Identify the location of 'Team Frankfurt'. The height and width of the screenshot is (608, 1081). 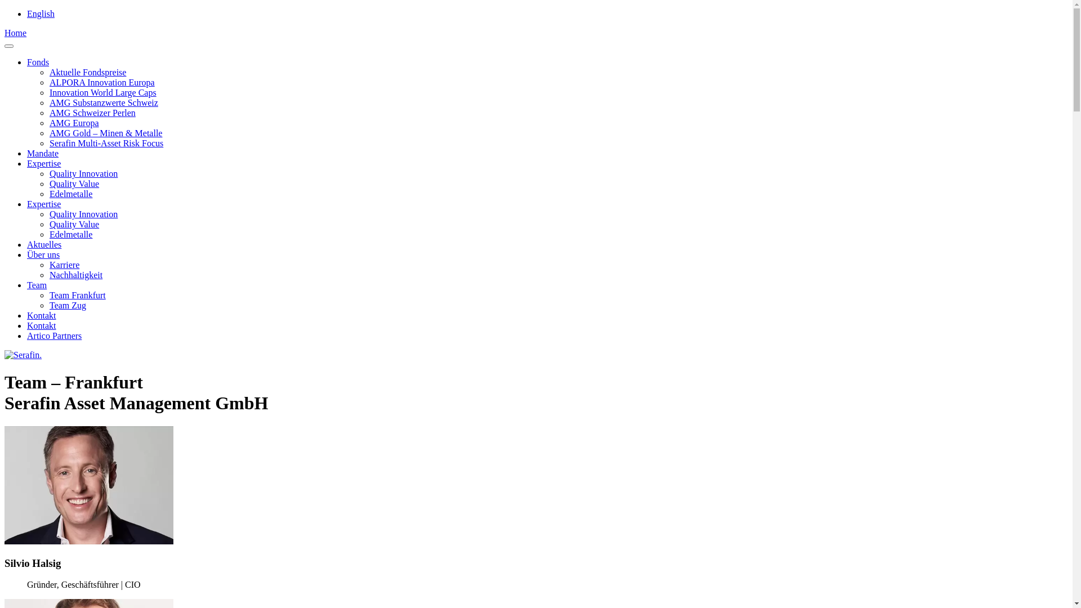
(48, 294).